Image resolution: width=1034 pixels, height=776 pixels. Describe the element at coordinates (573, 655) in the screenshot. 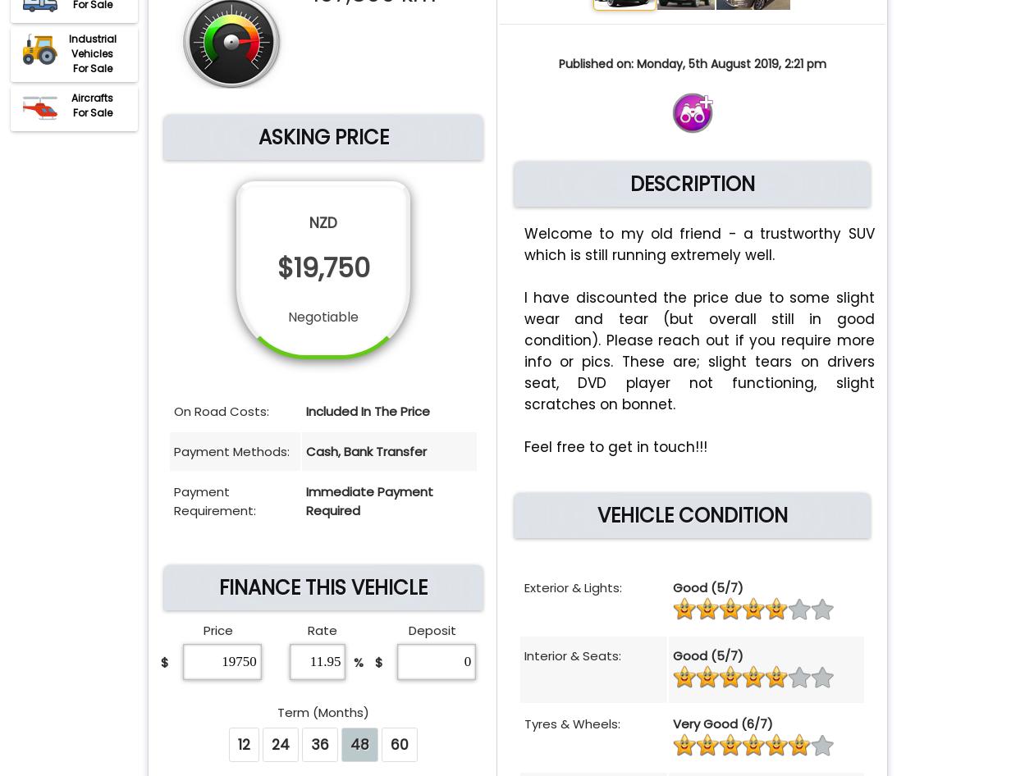

I see `'Interior & Seats:'` at that location.